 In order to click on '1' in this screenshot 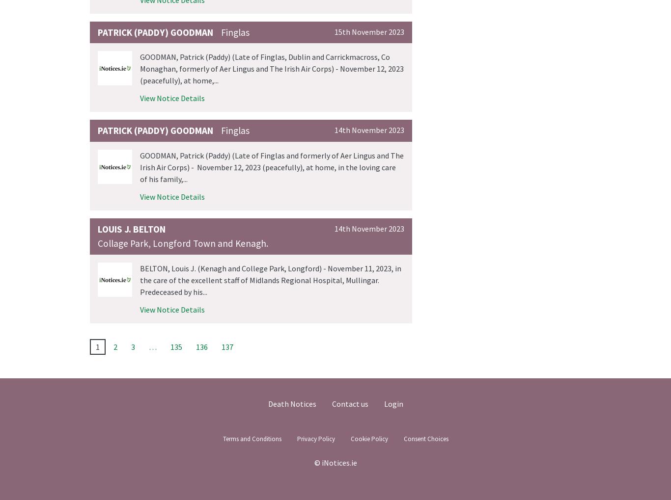, I will do `click(97, 346)`.